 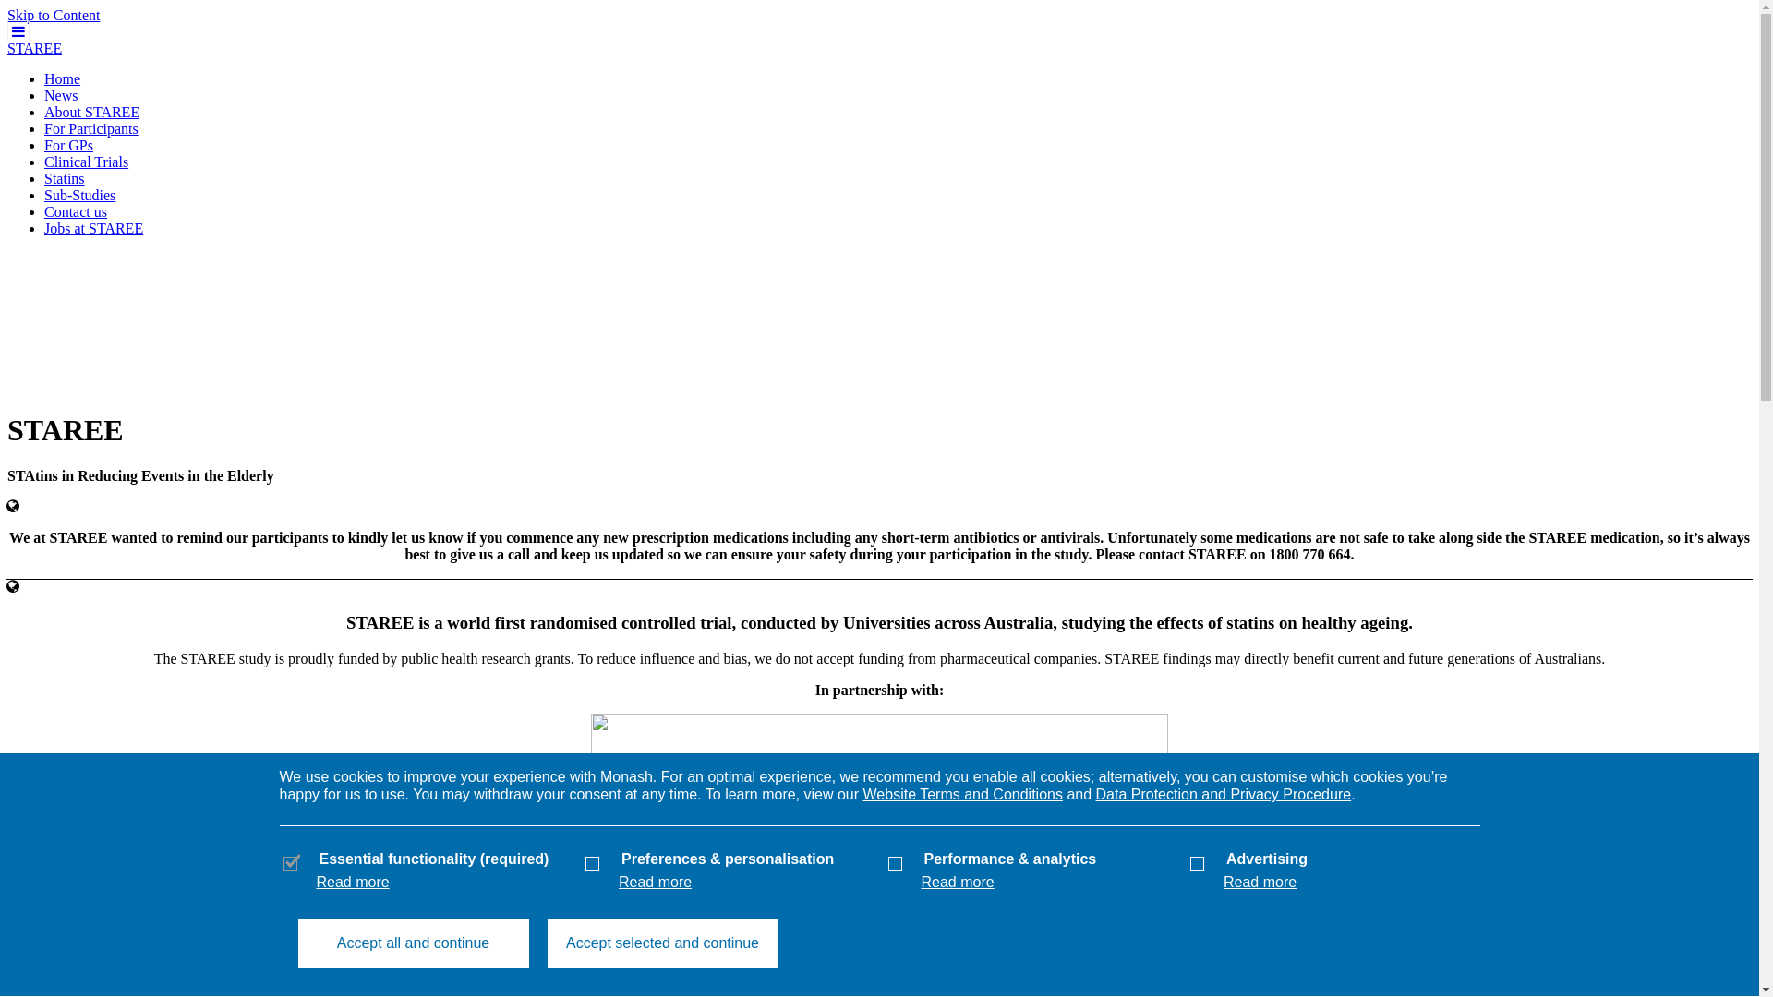 What do you see at coordinates (44, 161) in the screenshot?
I see `'Clinical Trials'` at bounding box center [44, 161].